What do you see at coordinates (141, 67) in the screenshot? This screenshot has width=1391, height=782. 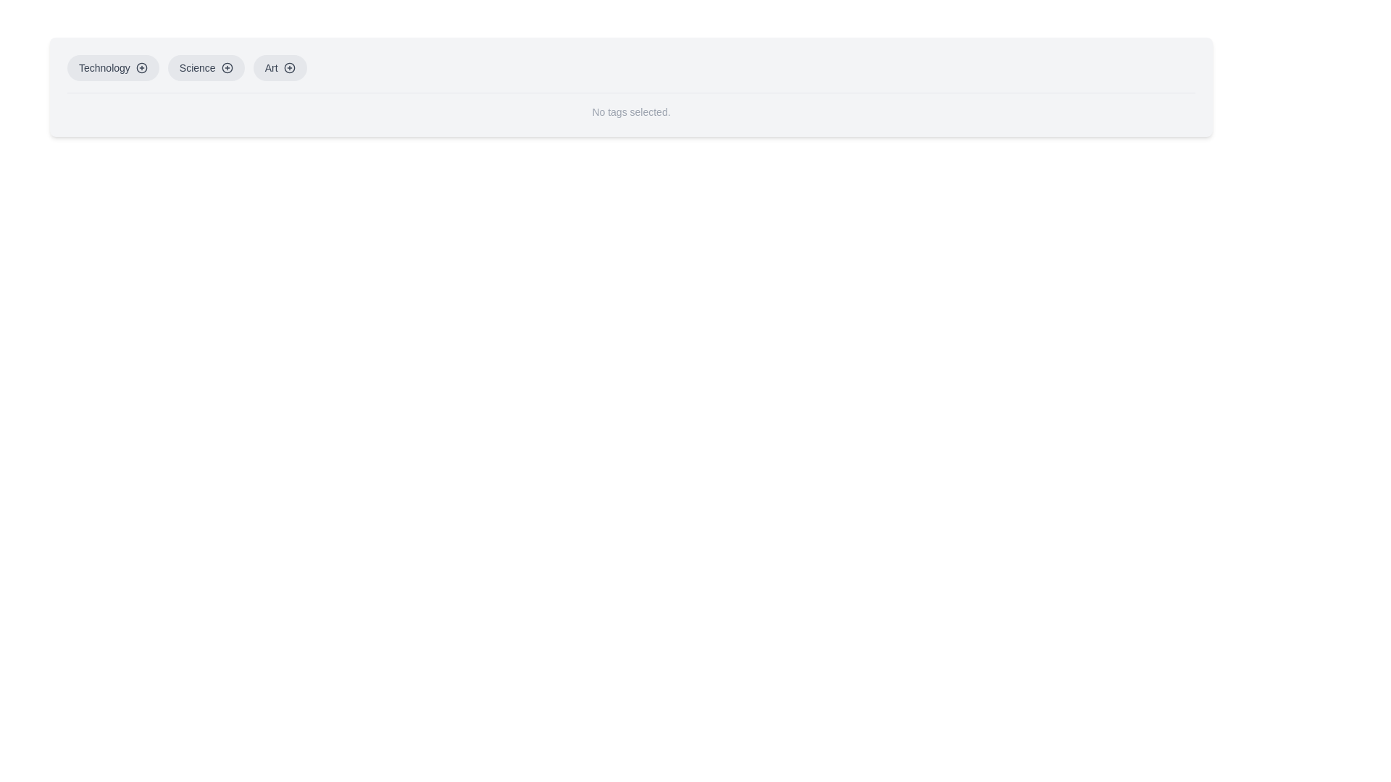 I see `the interactive button icon located to the right of the 'Technology' label in the top-left corner of the interface` at bounding box center [141, 67].